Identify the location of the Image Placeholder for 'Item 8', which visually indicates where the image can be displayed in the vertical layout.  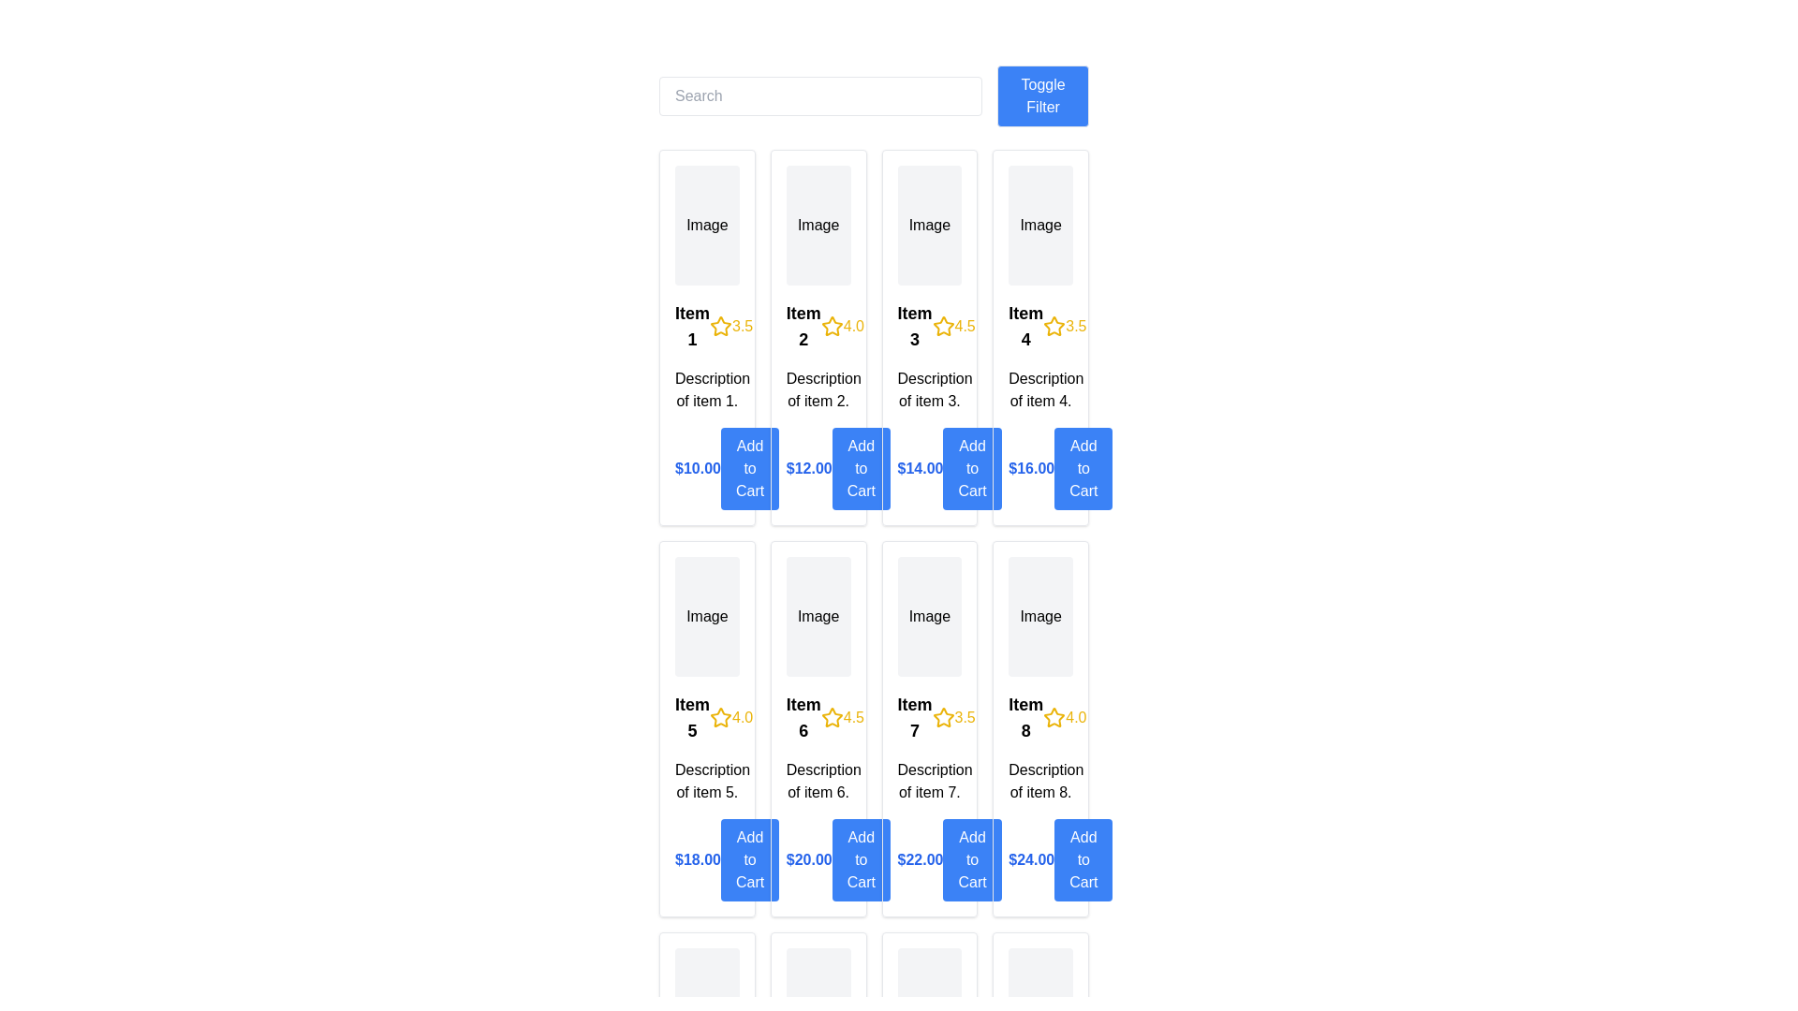
(1039, 617).